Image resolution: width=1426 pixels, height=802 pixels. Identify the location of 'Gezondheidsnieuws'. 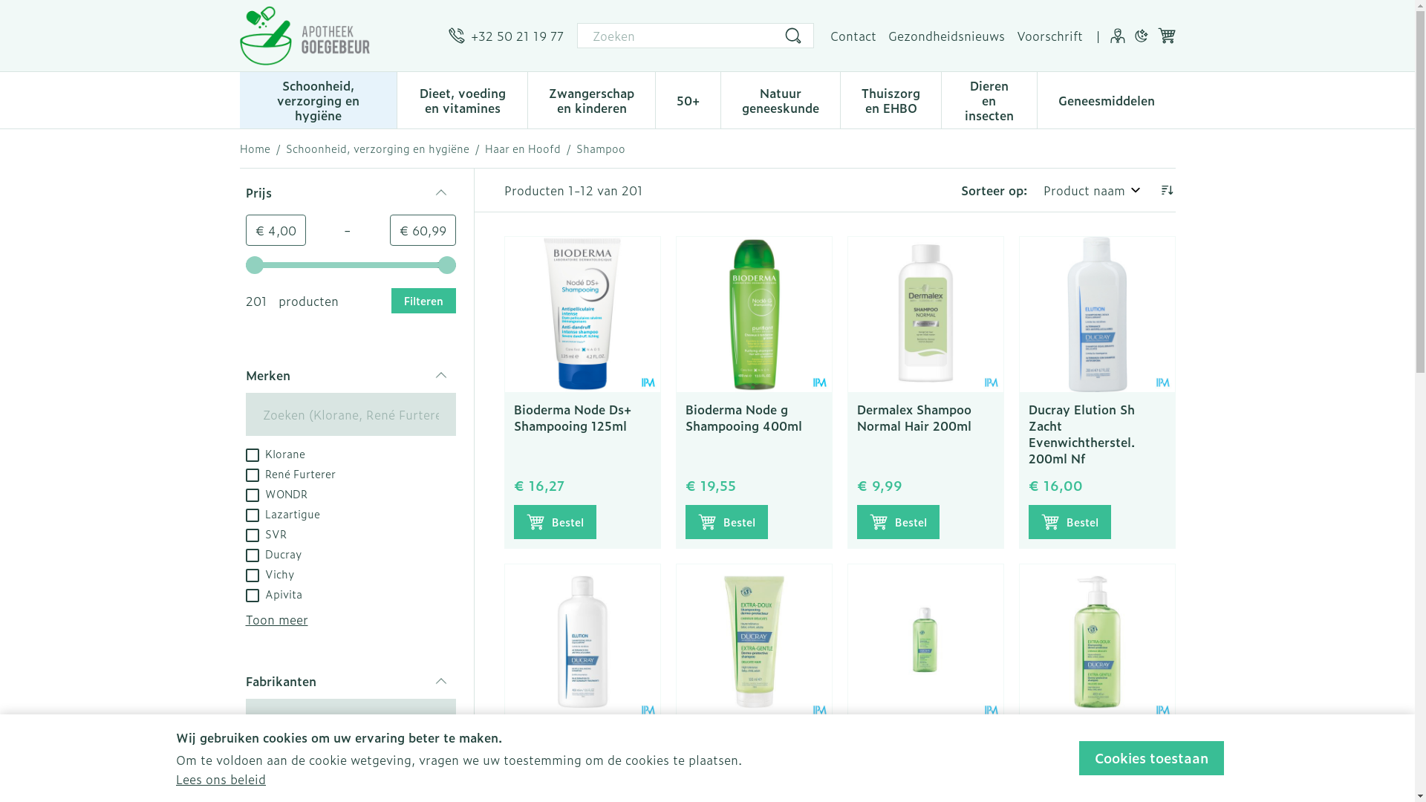
(945, 34).